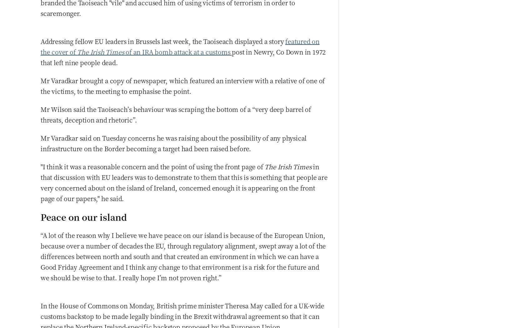 The width and height of the screenshot is (531, 328). What do you see at coordinates (184, 182) in the screenshot?
I see `'in that discussion with EU leaders was to demonstrate to them that this is something that people are very concerned about on the island of Ireland, concerned enough it is appearing on the front page of our papers," he said.'` at bounding box center [184, 182].